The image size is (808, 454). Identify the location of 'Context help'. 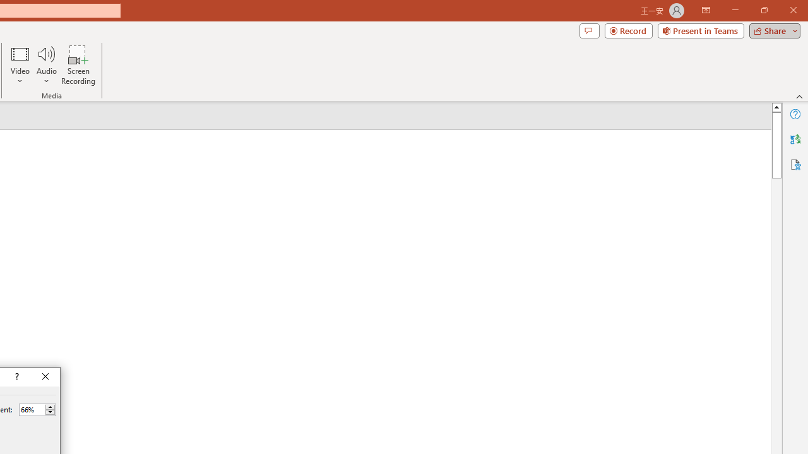
(16, 376).